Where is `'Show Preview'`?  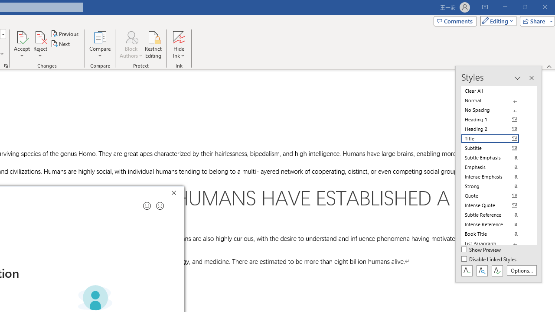 'Show Preview' is located at coordinates (481, 250).